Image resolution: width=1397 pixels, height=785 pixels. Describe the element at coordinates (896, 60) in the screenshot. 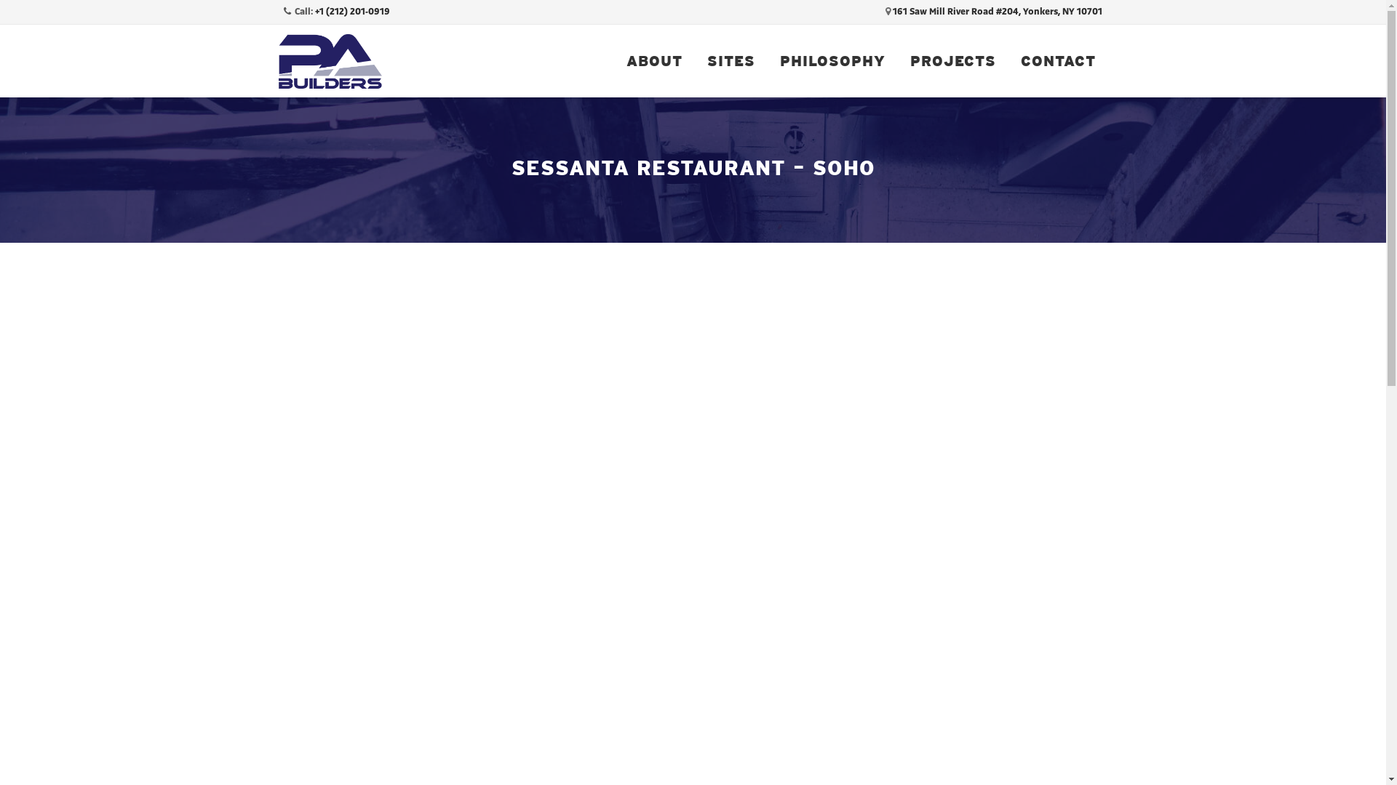

I see `'PROJECTS'` at that location.